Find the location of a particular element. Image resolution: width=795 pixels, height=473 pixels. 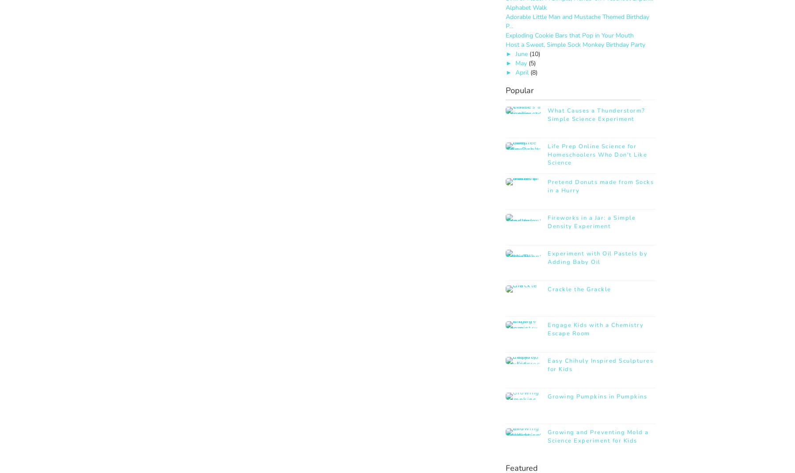

'Growing and Preventing Mold a Science Experiment for Kids' is located at coordinates (597, 436).